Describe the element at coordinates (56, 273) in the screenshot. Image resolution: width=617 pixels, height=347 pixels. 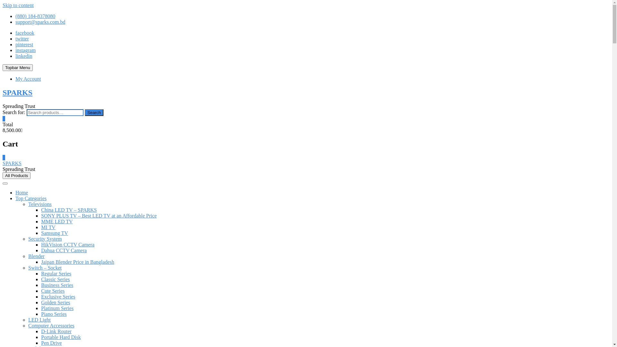
I see `'Regular Series'` at that location.